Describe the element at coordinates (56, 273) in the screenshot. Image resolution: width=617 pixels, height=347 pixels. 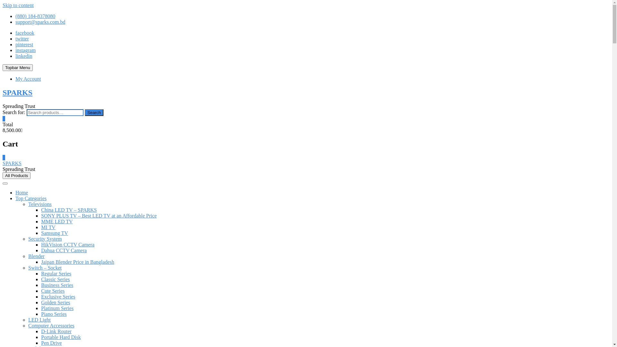
I see `'Regular Series'` at that location.